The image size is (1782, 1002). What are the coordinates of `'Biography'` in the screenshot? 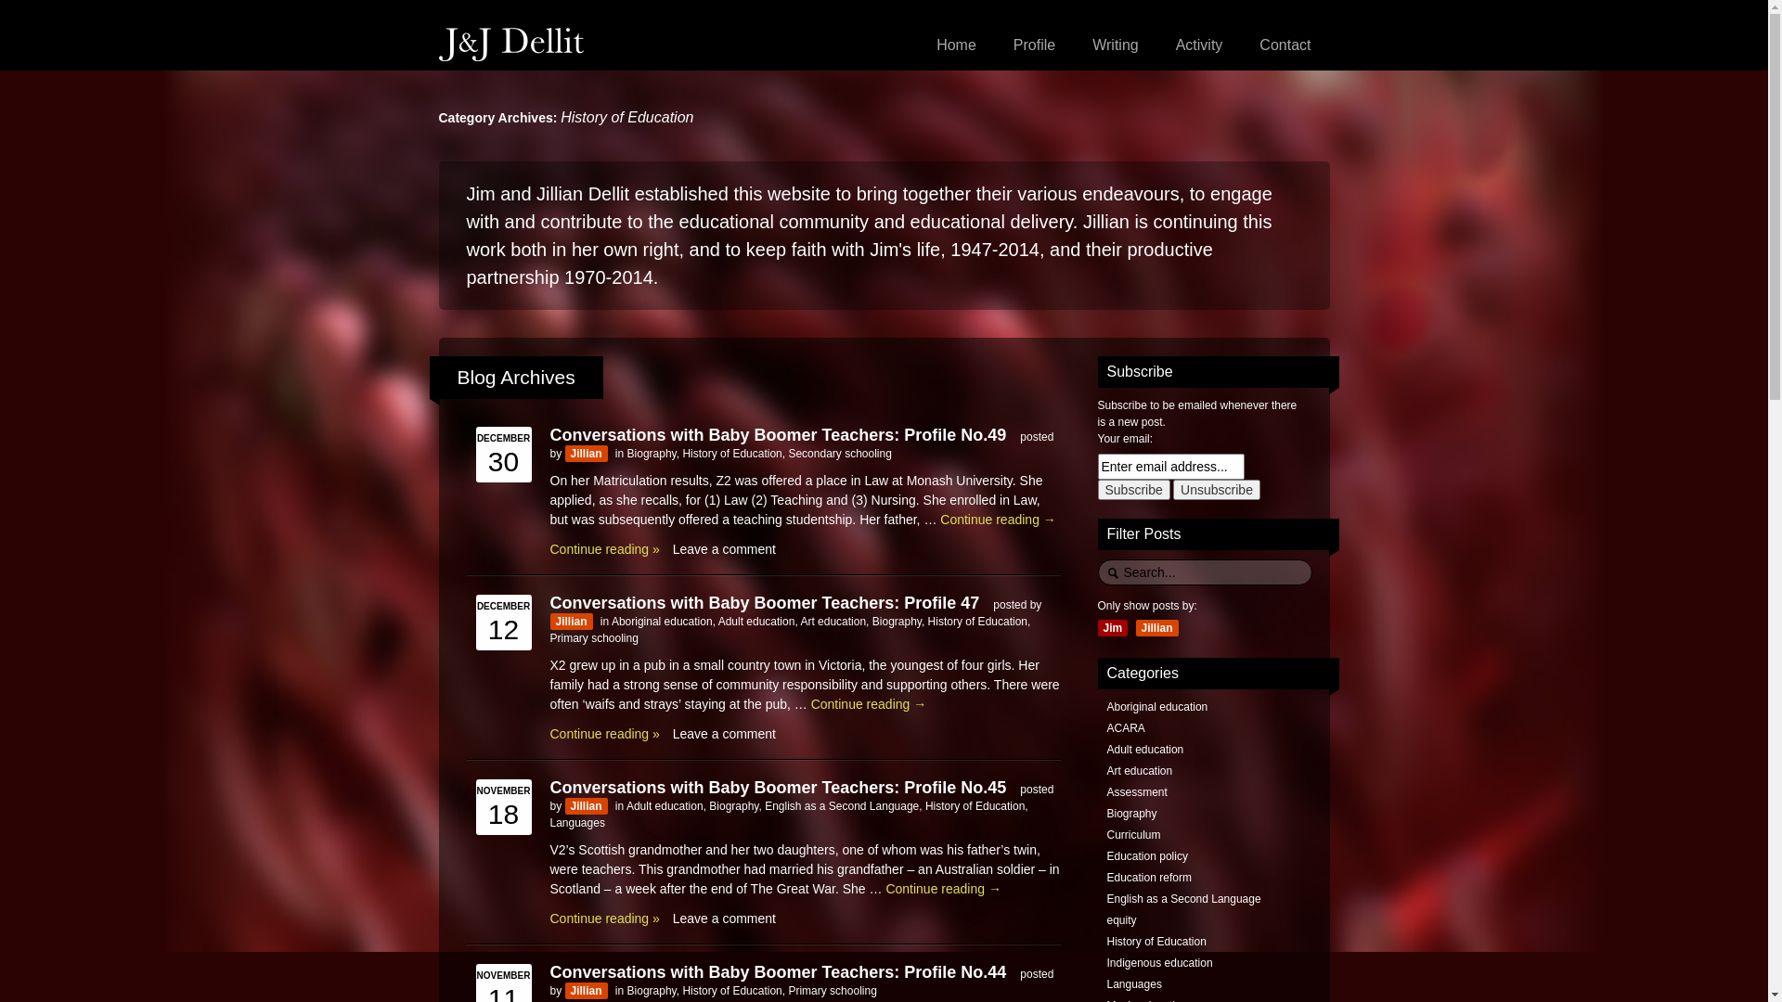 It's located at (627, 454).